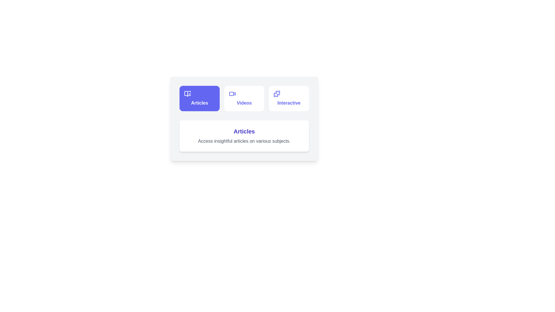 The image size is (555, 312). I want to click on the Interactive tab to view its content, so click(289, 98).